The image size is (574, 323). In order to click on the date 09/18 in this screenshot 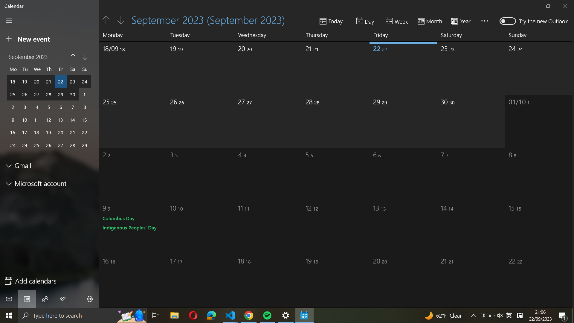, I will do `click(127, 66)`.